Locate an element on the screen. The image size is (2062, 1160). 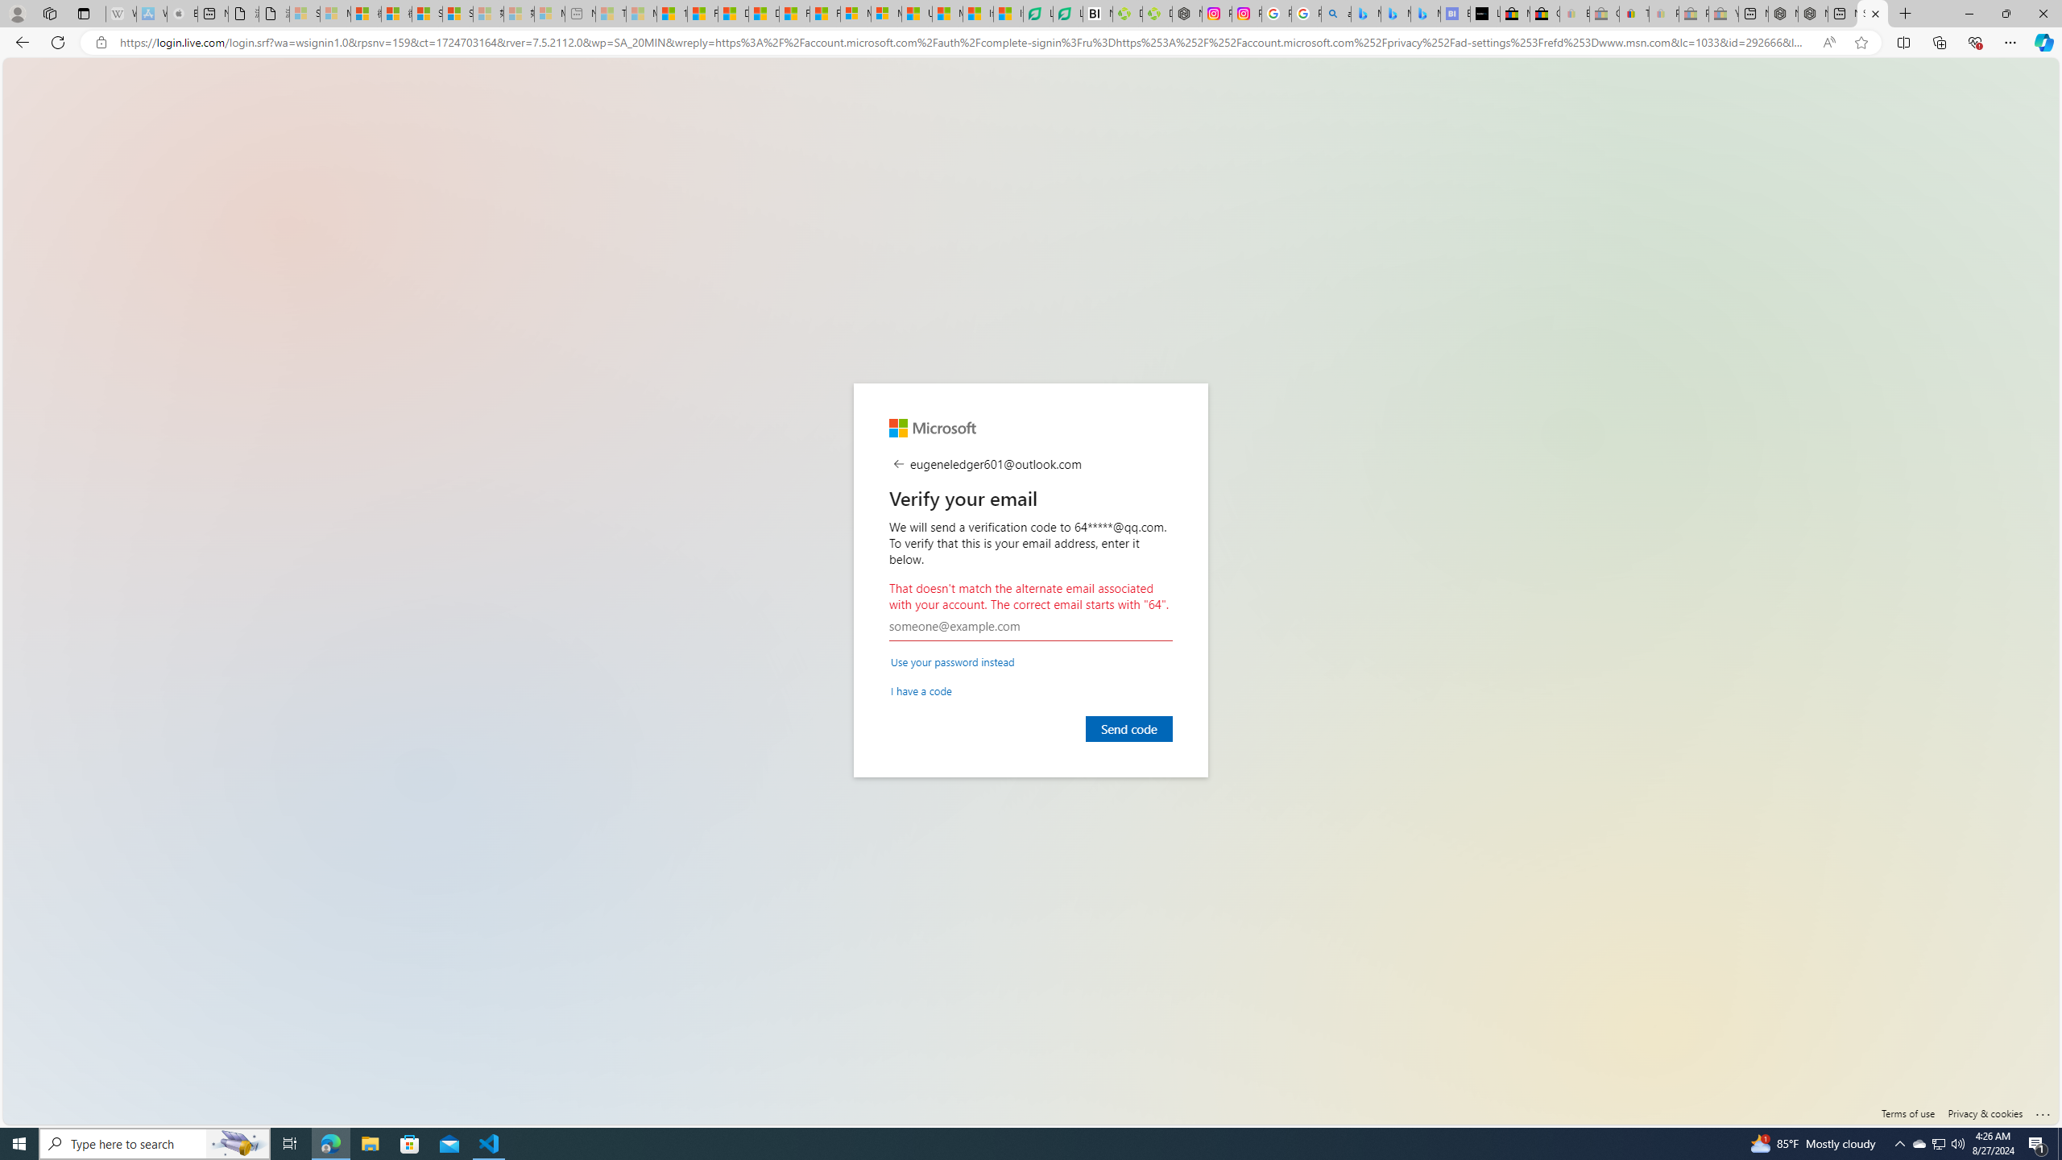
'Threats and offensive language policy | eBay' is located at coordinates (1633, 13).